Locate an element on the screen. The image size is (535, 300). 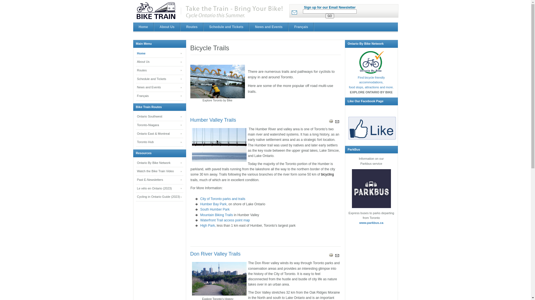
'Humber Bay Park' is located at coordinates (213, 204).